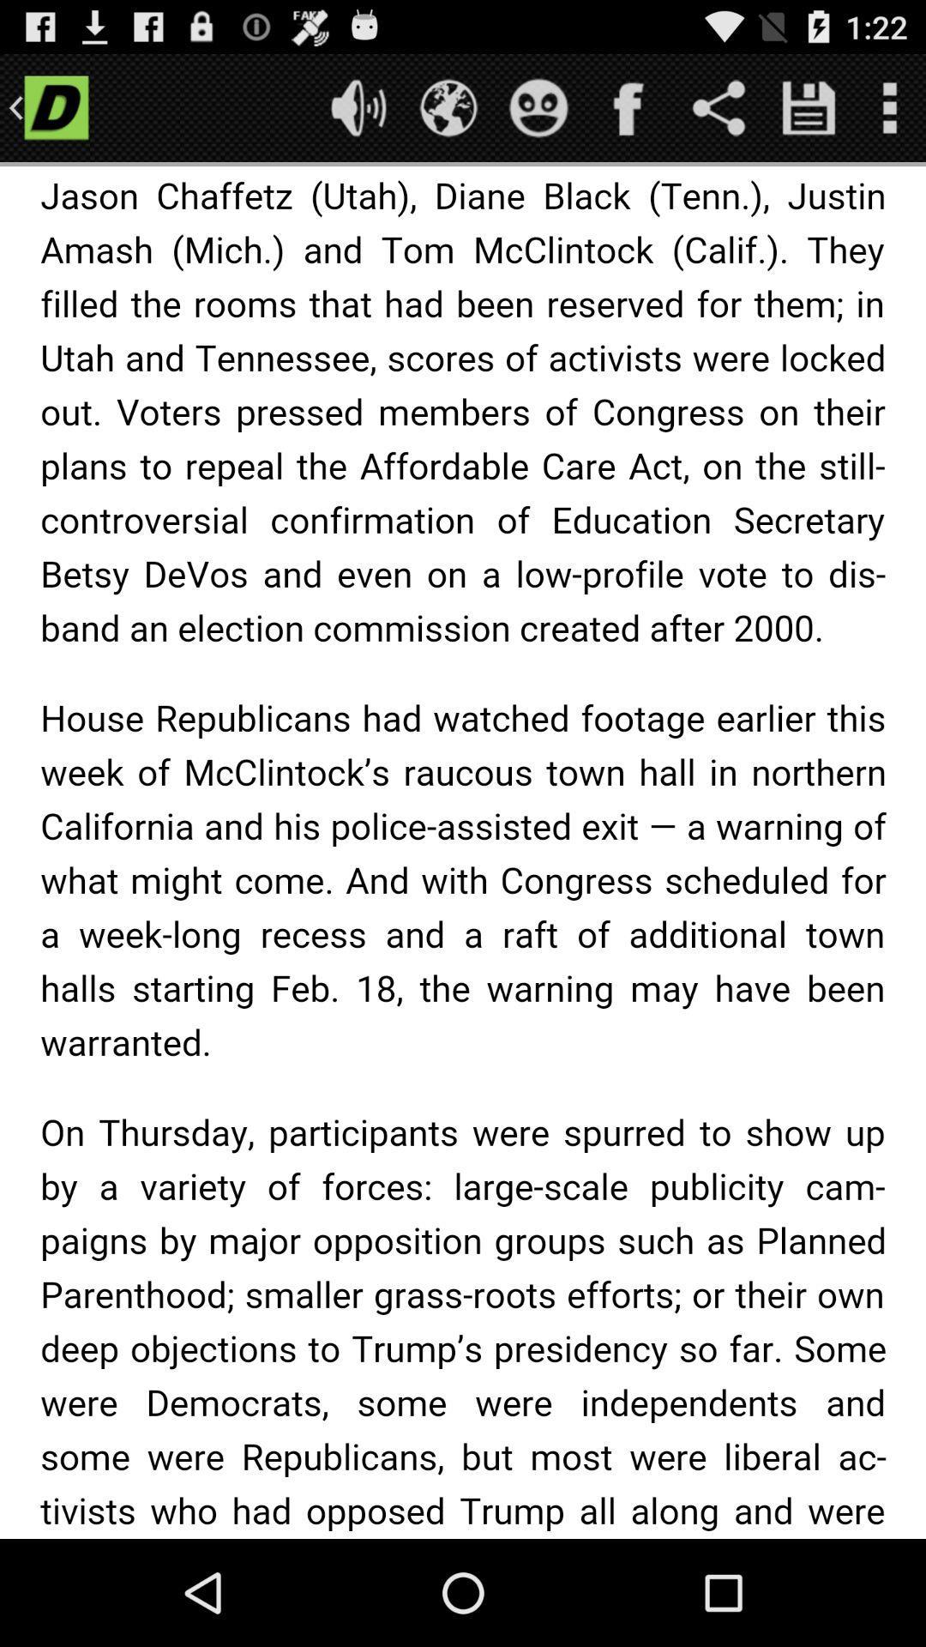 This screenshot has width=926, height=1647. Describe the element at coordinates (463, 853) in the screenshot. I see `article text` at that location.